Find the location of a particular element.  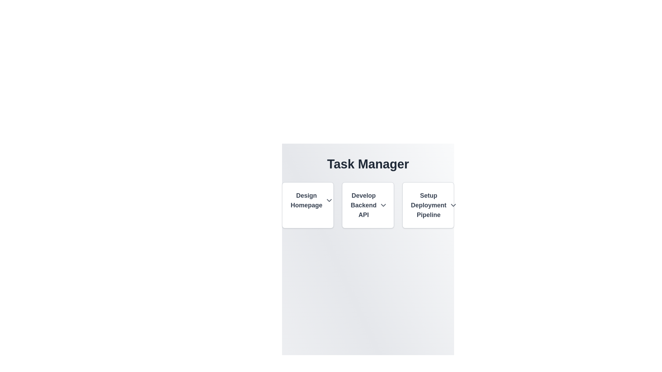

the heading labeled 'Setup Deployment Pipeline', which displays the text in bold dark gray and is located at the bottom-center of its card is located at coordinates (428, 205).